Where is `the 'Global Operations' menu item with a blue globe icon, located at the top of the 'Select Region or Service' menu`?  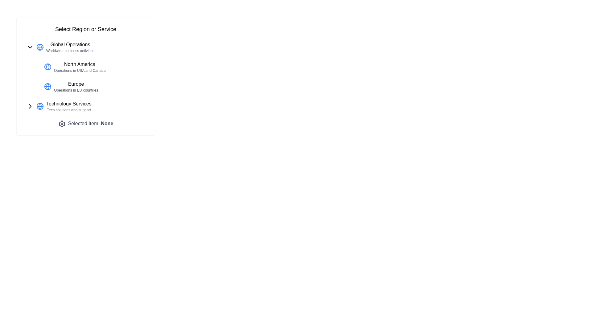
the 'Global Operations' menu item with a blue globe icon, located at the top of the 'Select Region or Service' menu is located at coordinates (85, 47).